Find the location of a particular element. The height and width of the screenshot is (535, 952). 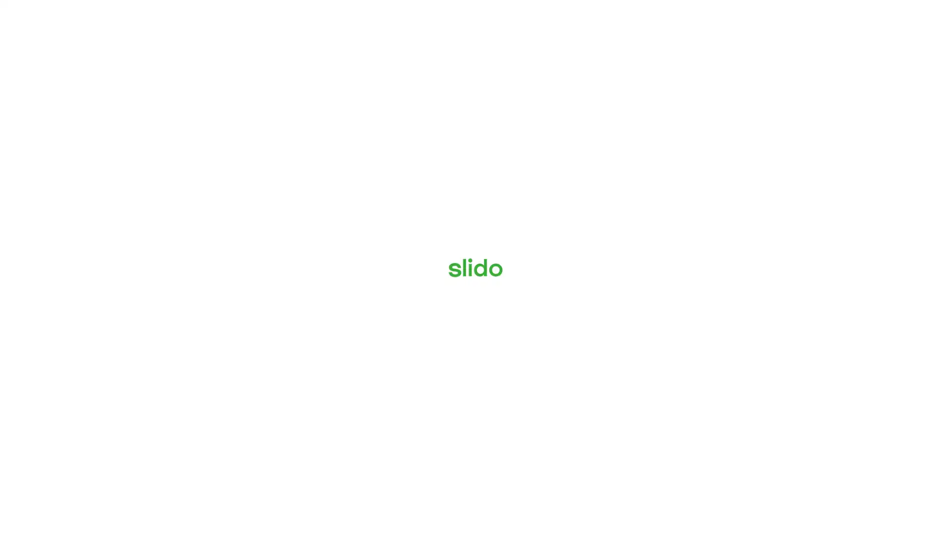

24 votes, Upvote question is located at coordinates (879, 351).